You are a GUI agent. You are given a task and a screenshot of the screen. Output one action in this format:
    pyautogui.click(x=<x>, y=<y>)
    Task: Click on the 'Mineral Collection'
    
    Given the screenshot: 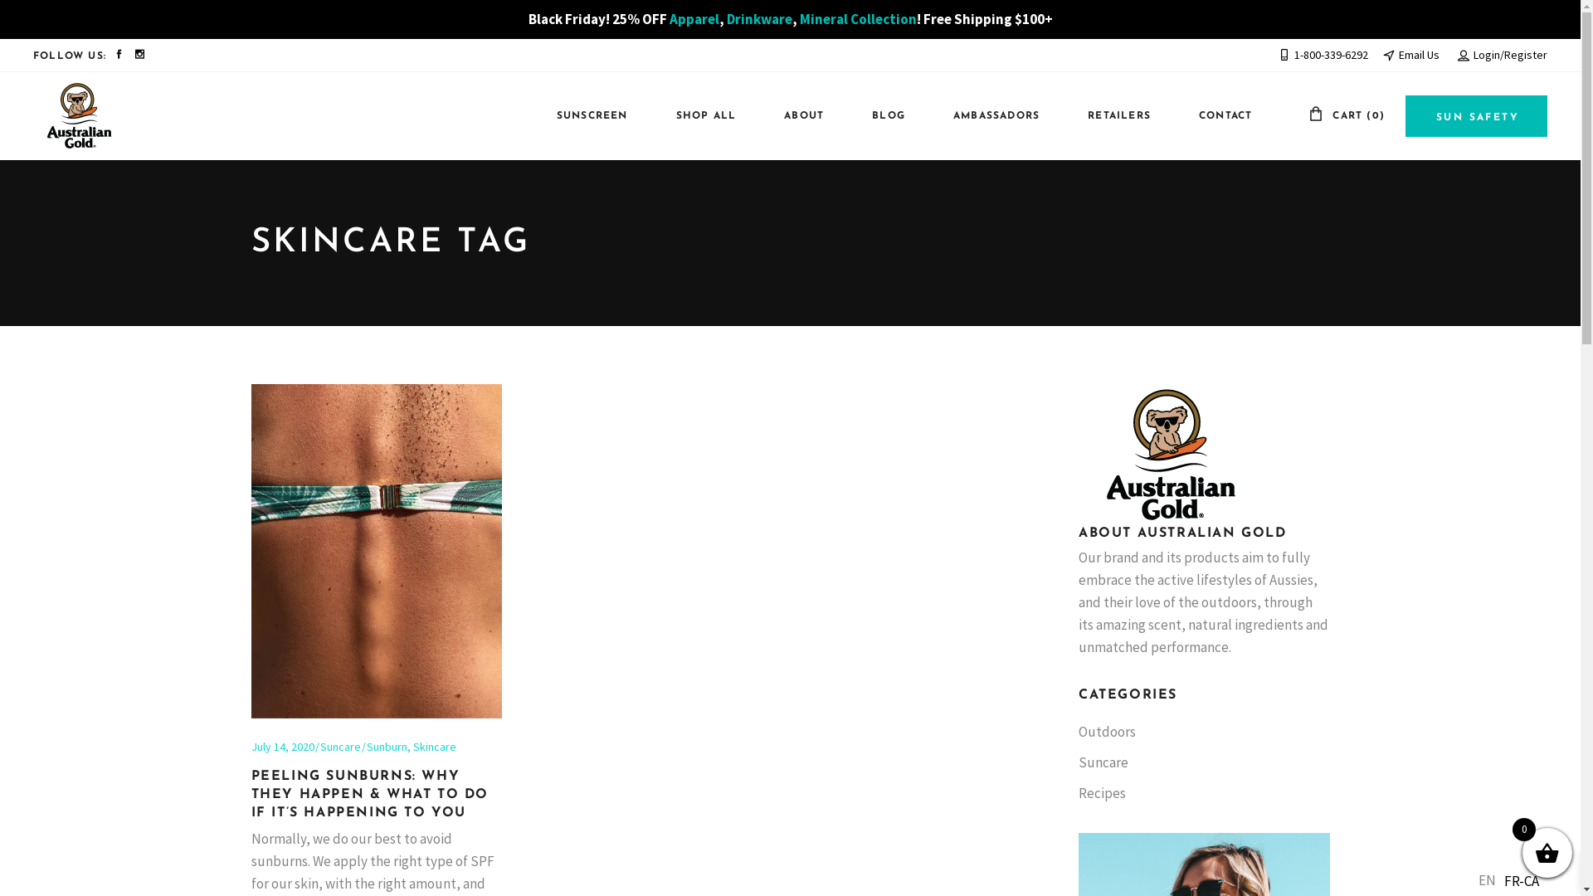 What is the action you would take?
    pyautogui.click(x=858, y=19)
    